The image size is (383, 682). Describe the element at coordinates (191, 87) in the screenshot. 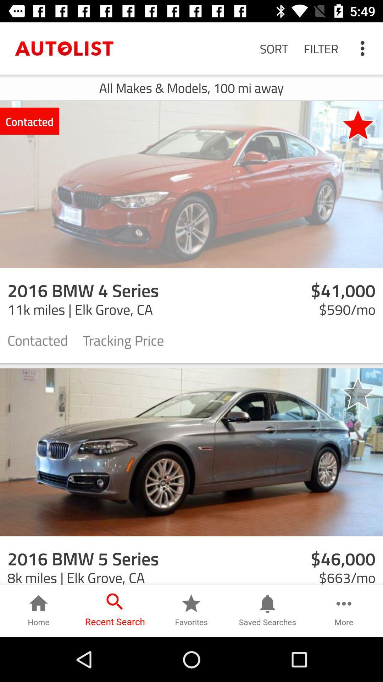

I see `all makes models icon` at that location.